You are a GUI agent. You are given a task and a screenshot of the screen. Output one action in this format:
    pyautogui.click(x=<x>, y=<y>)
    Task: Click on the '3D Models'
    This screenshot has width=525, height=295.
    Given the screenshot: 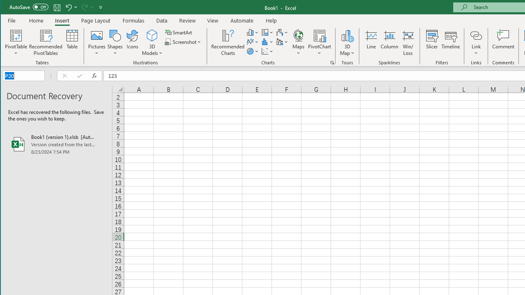 What is the action you would take?
    pyautogui.click(x=152, y=35)
    